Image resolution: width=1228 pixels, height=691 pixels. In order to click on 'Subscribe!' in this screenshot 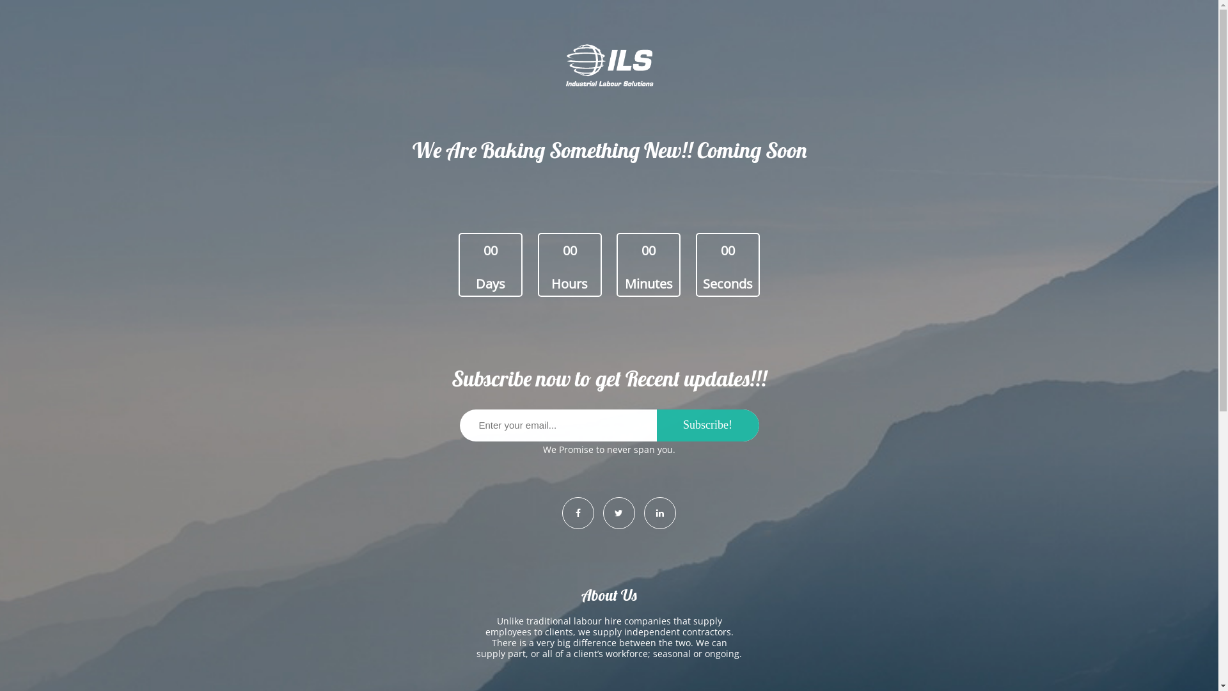, I will do `click(706, 425)`.